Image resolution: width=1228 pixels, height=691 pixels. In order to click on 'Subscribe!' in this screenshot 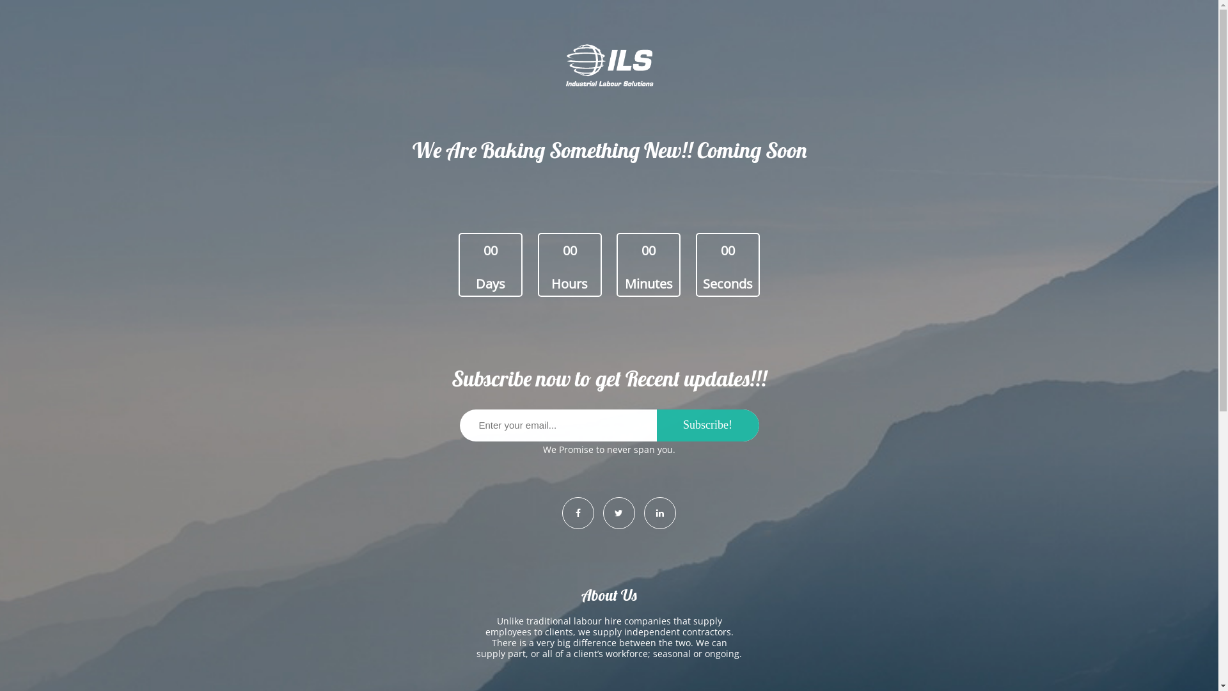, I will do `click(706, 425)`.